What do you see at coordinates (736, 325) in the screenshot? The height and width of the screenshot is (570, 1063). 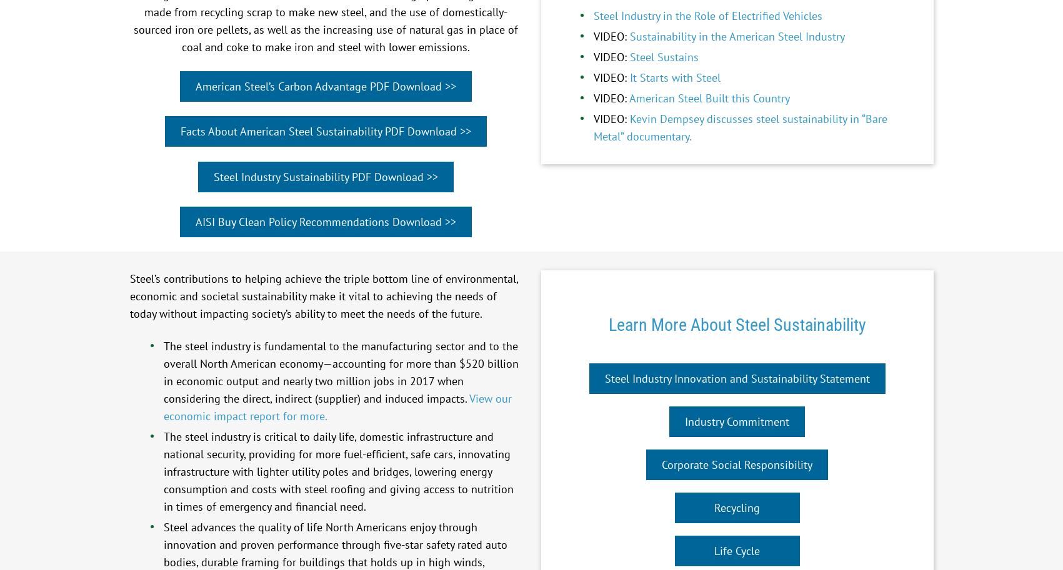 I see `'Learn More About Steel Sustainability'` at bounding box center [736, 325].